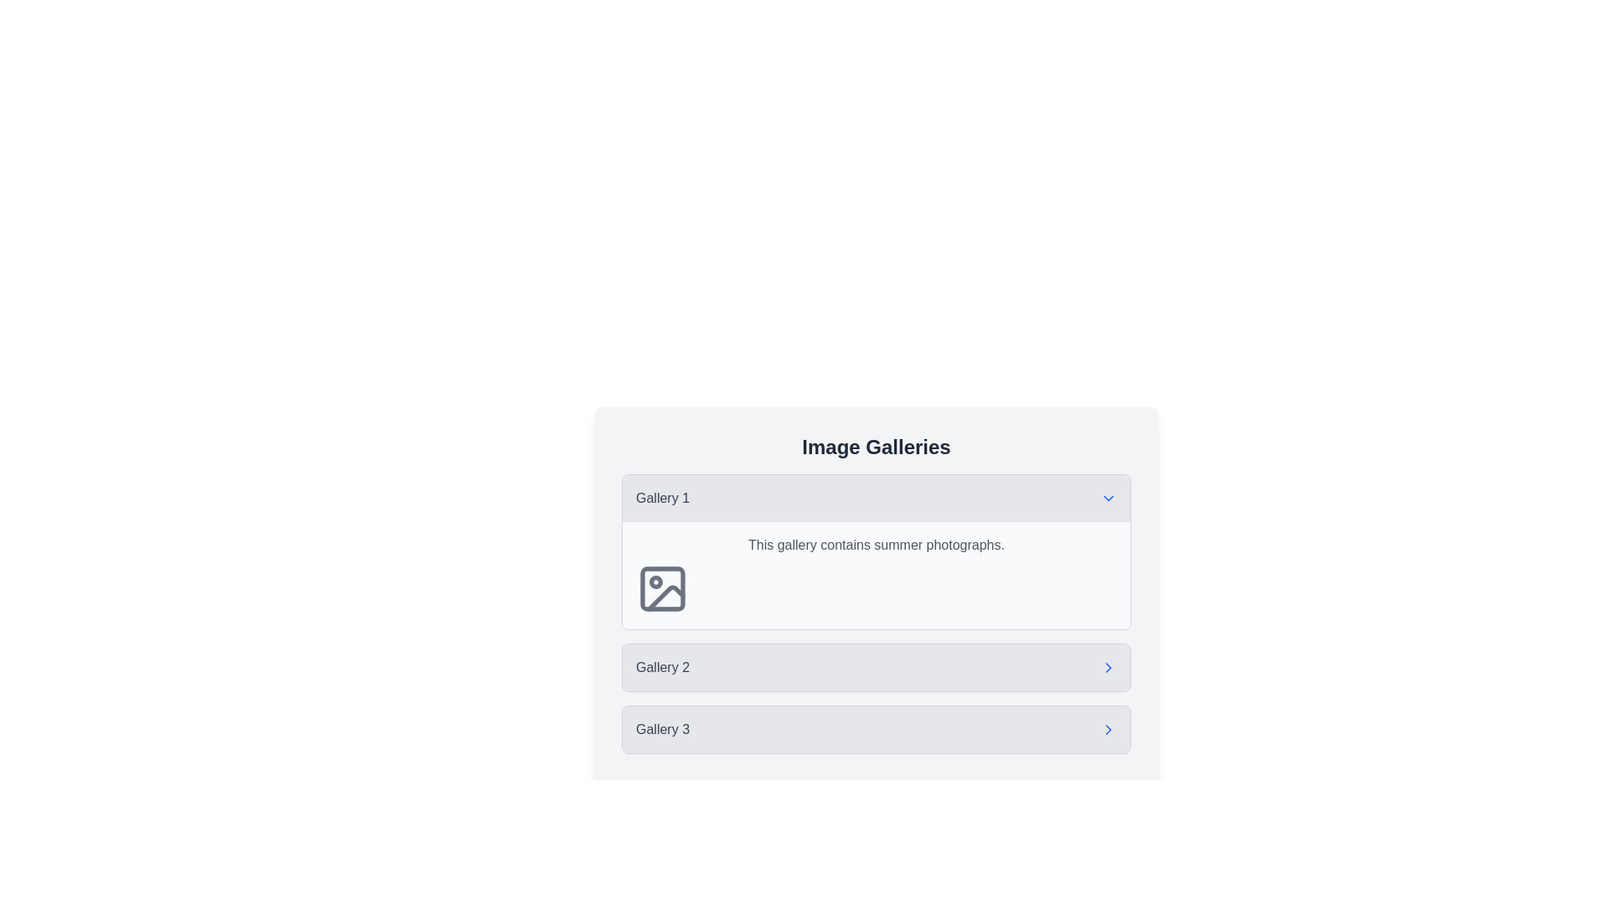 Image resolution: width=1609 pixels, height=905 pixels. I want to click on the chevron icon located to the right of the 'Gallery 1' text, so click(1109, 497).